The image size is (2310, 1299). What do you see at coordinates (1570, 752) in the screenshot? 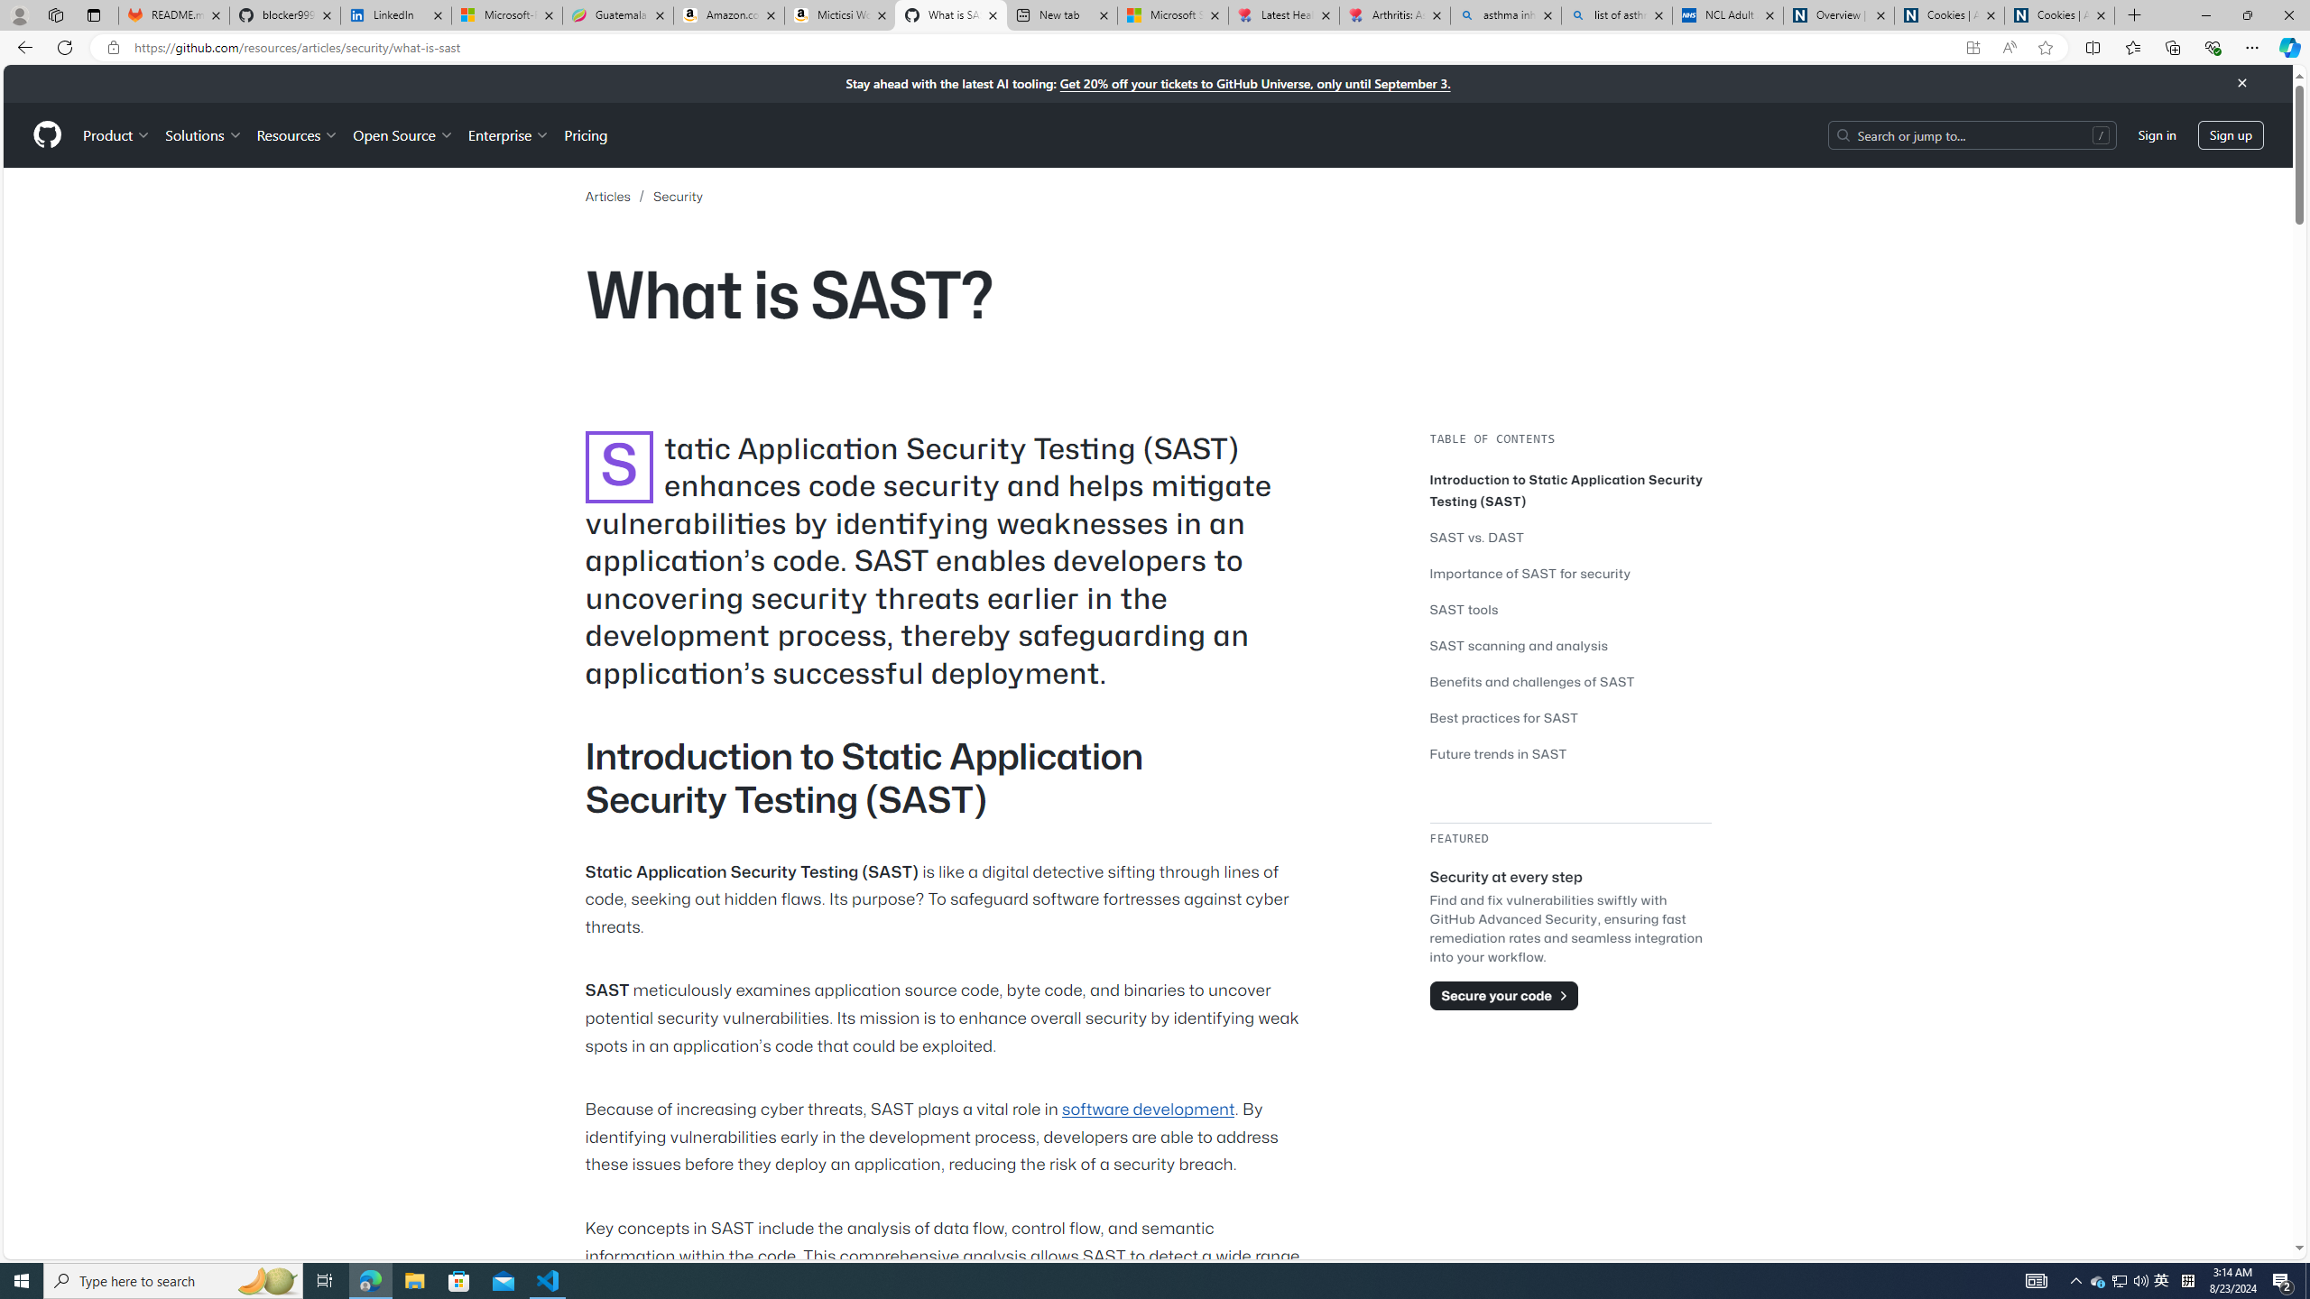
I see `'Future trends in SAST'` at bounding box center [1570, 752].